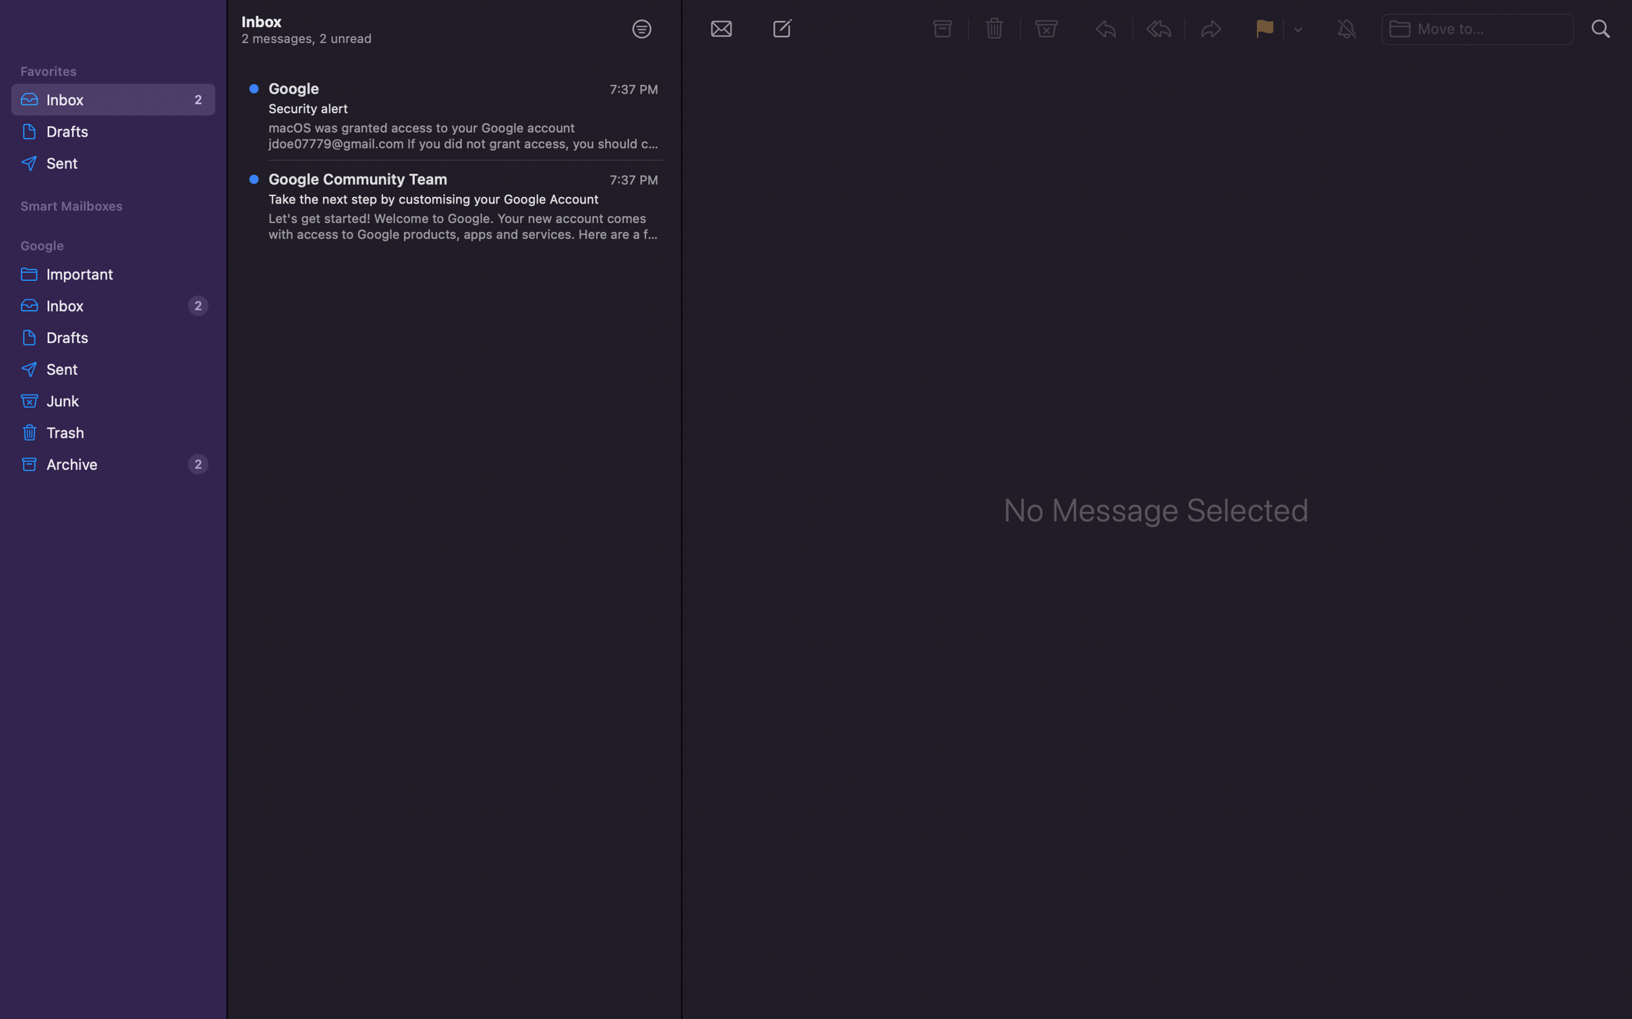 The image size is (1632, 1019). I want to click on Single out the unseen messages, so click(641, 28).